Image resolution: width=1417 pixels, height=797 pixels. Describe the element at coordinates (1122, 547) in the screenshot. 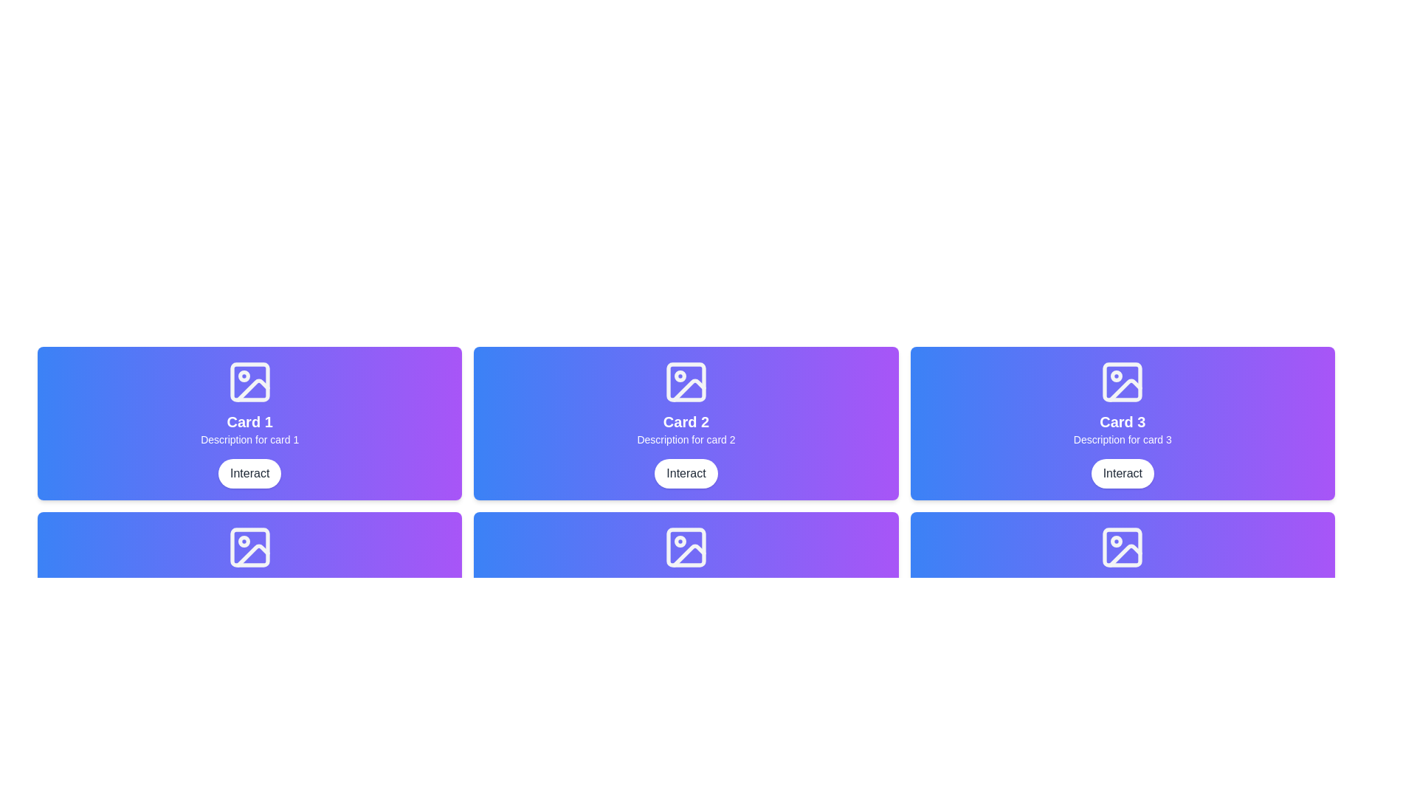

I see `the largest decorative graphic (SVG rectangle) in Card 3 located at the bottom row of the card layout` at that location.